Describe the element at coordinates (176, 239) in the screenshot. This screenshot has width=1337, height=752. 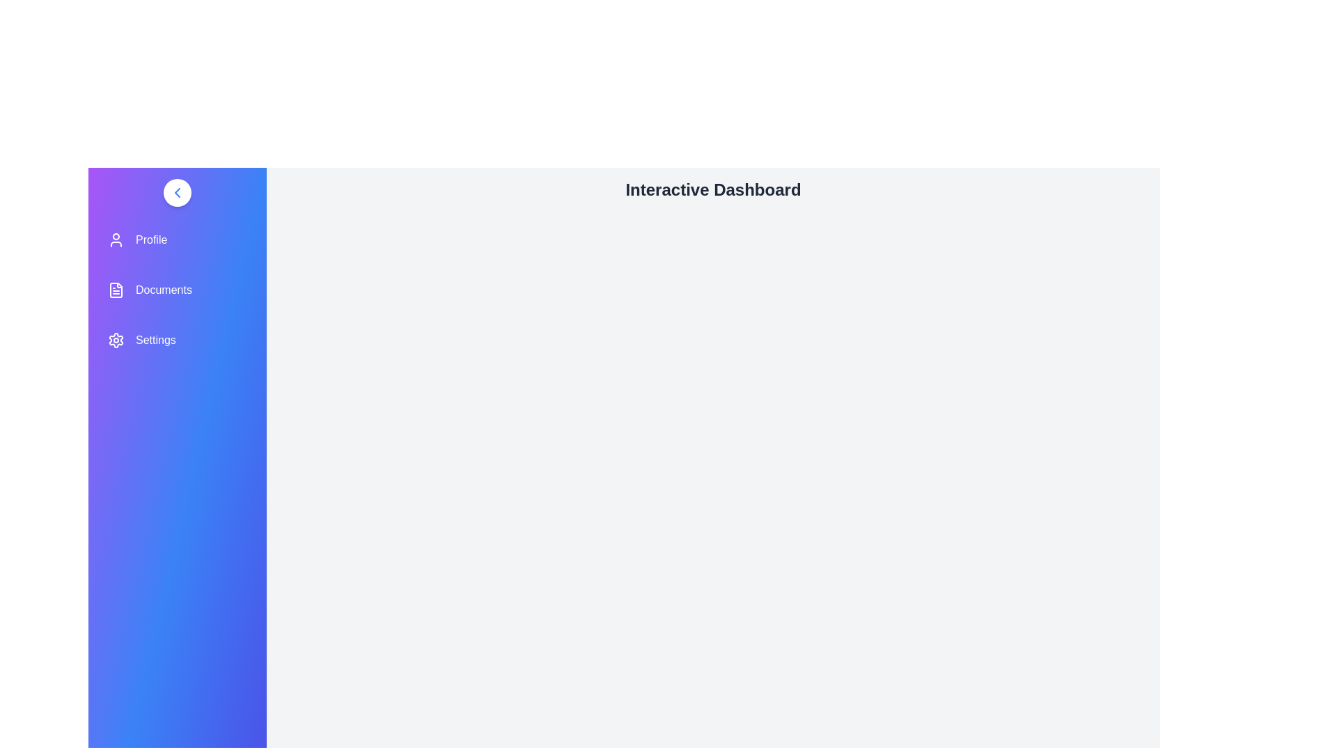
I see `the menu item Profile to navigate` at that location.